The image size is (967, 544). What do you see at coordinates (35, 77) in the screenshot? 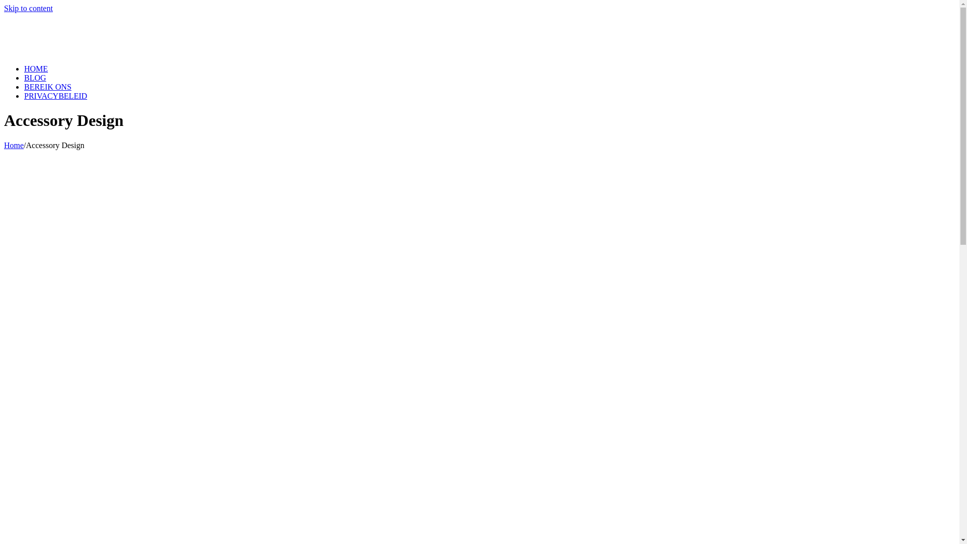
I see `'BLOG'` at bounding box center [35, 77].